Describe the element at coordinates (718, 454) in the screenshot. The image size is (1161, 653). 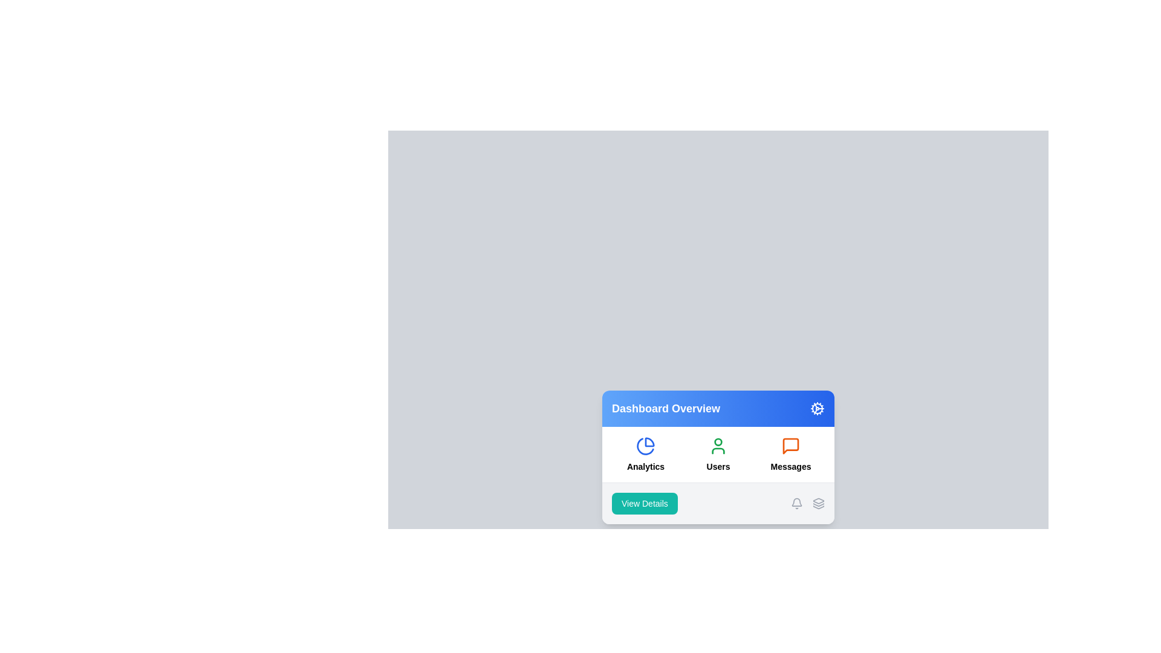
I see `labels of the central column in the Grid layout containing icons and text, which features the 'Users' icon and label beneath it` at that location.